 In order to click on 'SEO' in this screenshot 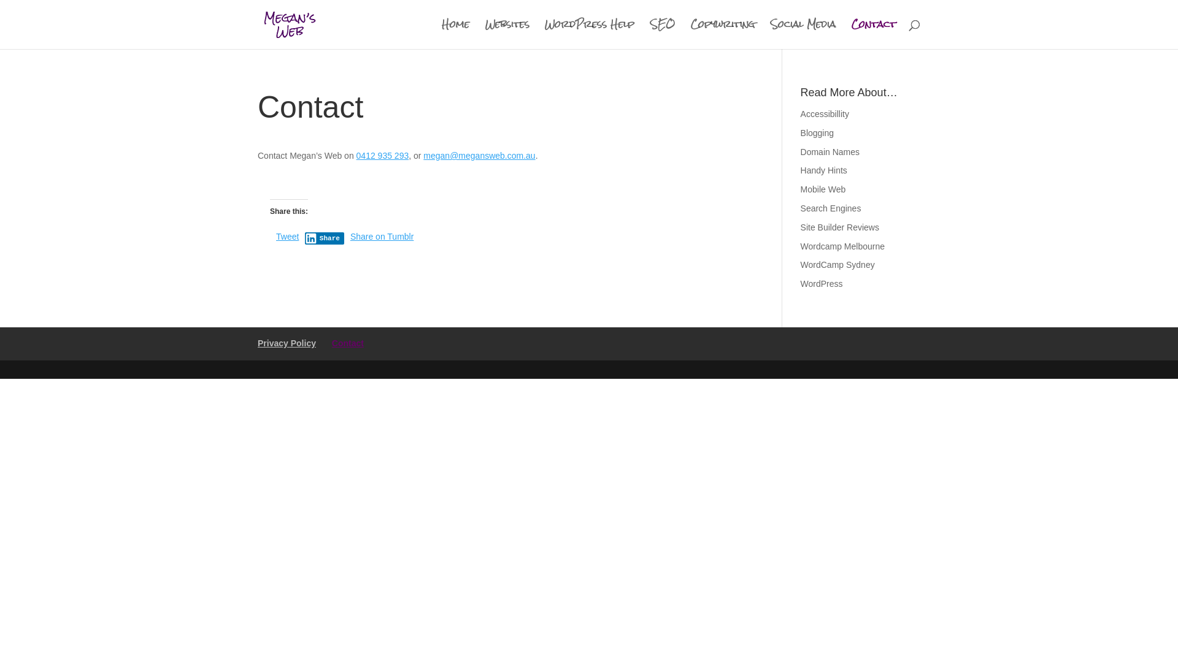, I will do `click(662, 34)`.